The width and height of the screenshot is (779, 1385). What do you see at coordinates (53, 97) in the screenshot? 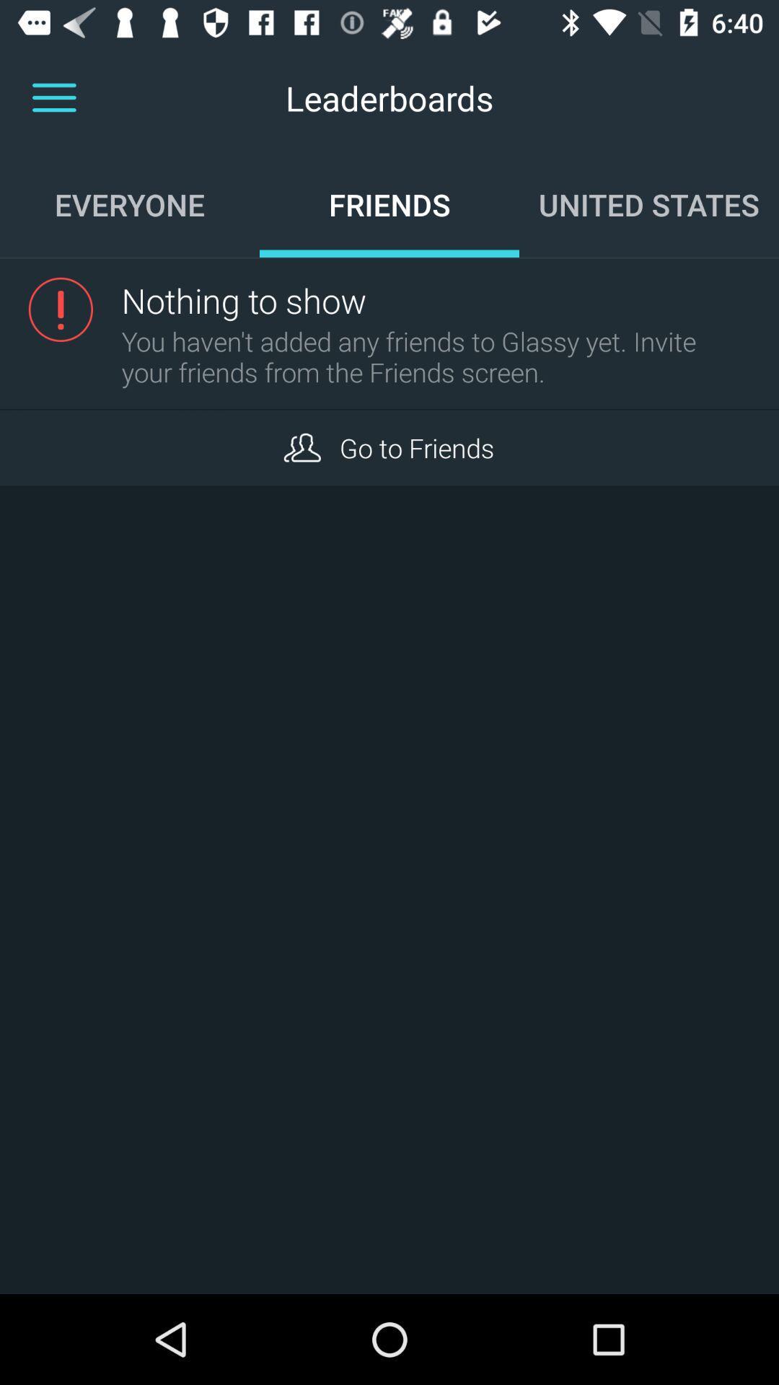
I see `the menu icon` at bounding box center [53, 97].